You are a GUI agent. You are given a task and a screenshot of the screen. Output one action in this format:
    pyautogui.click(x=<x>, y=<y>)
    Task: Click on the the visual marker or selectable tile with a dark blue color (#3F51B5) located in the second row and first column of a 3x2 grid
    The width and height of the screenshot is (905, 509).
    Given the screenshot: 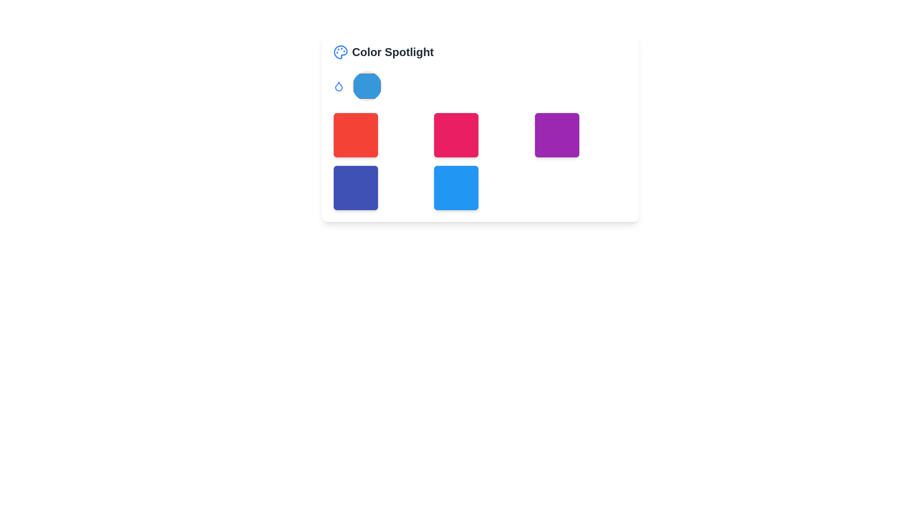 What is the action you would take?
    pyautogui.click(x=355, y=188)
    